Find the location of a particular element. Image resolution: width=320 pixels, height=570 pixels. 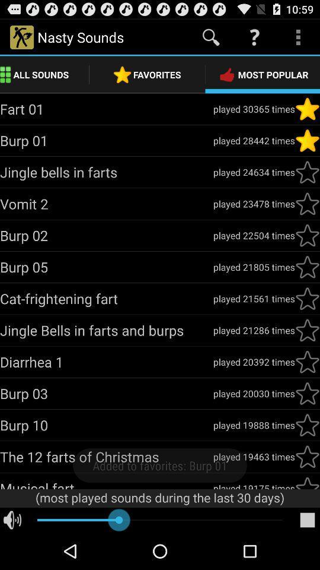

favorite is located at coordinates (307, 267).